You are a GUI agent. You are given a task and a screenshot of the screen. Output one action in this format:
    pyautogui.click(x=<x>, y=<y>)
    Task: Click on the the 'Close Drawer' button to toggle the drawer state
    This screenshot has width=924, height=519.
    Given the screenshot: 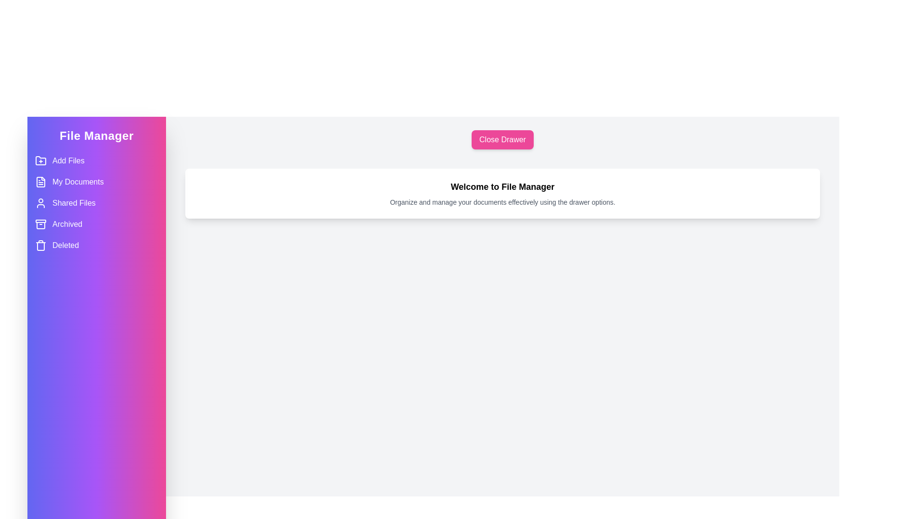 What is the action you would take?
    pyautogui.click(x=501, y=139)
    